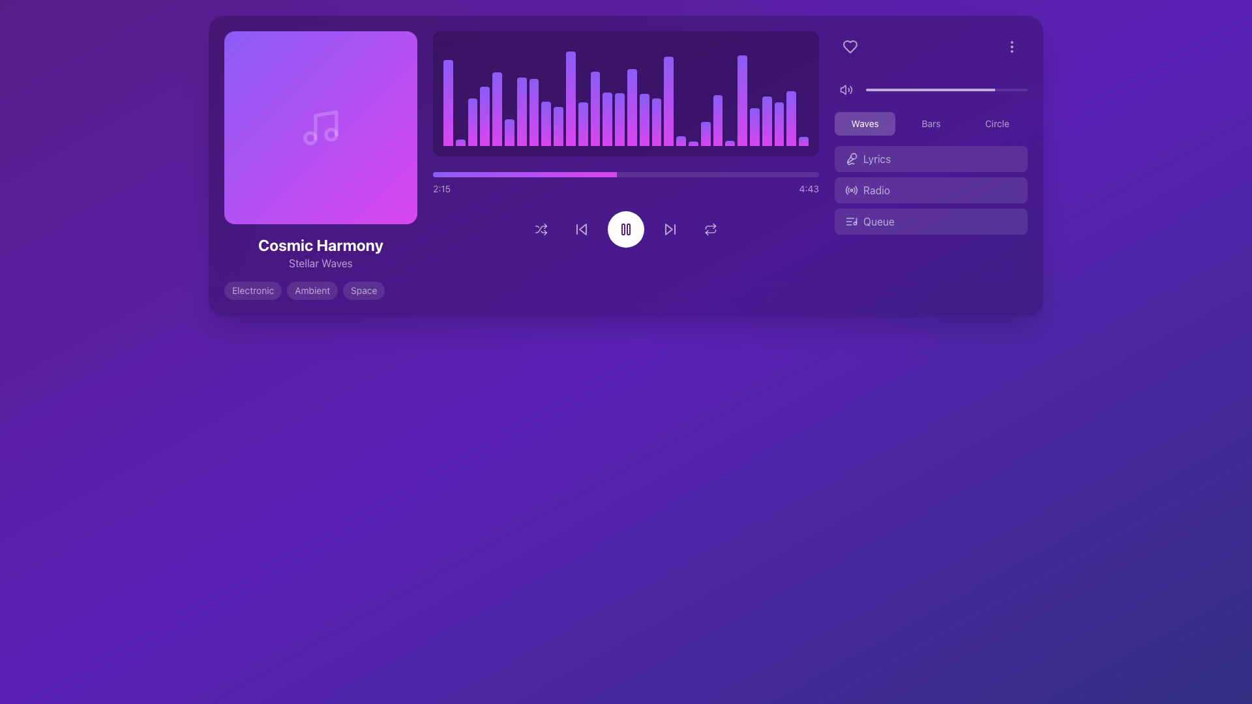 This screenshot has width=1252, height=704. What do you see at coordinates (668, 100) in the screenshot?
I see `the 18th graphical bar representing audio-related statistics, located in the upper section of the interface above the playback controls` at bounding box center [668, 100].